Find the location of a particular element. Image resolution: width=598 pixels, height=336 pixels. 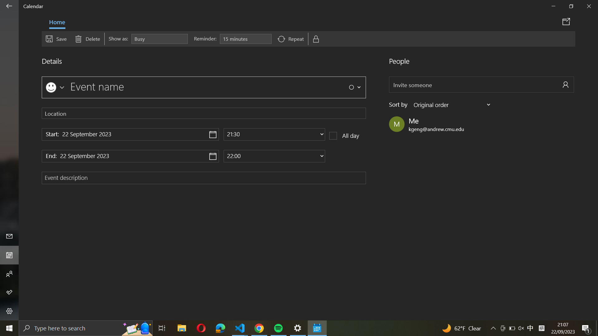

Assign "22 December 2020" as the beginning date of the event is located at coordinates (130, 134).